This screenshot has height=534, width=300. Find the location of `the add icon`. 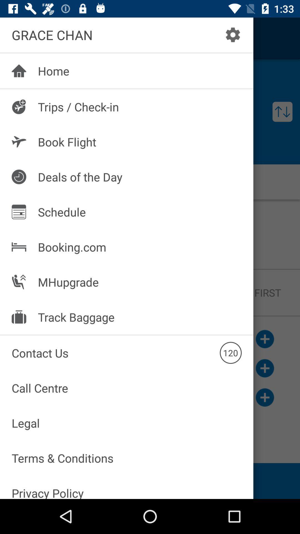

the add icon is located at coordinates (264, 339).